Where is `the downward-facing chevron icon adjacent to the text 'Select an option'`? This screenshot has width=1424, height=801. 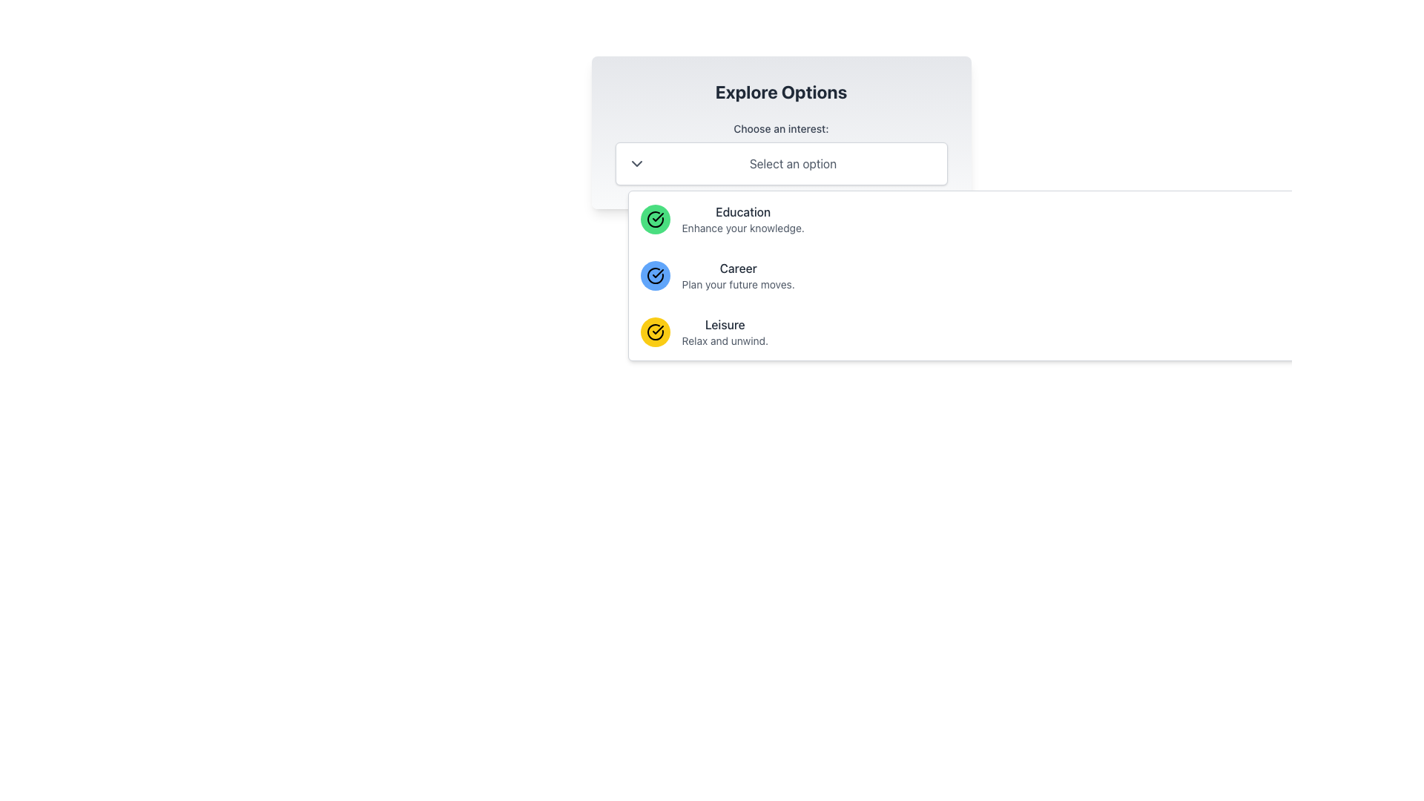 the downward-facing chevron icon adjacent to the text 'Select an option' is located at coordinates (636, 163).